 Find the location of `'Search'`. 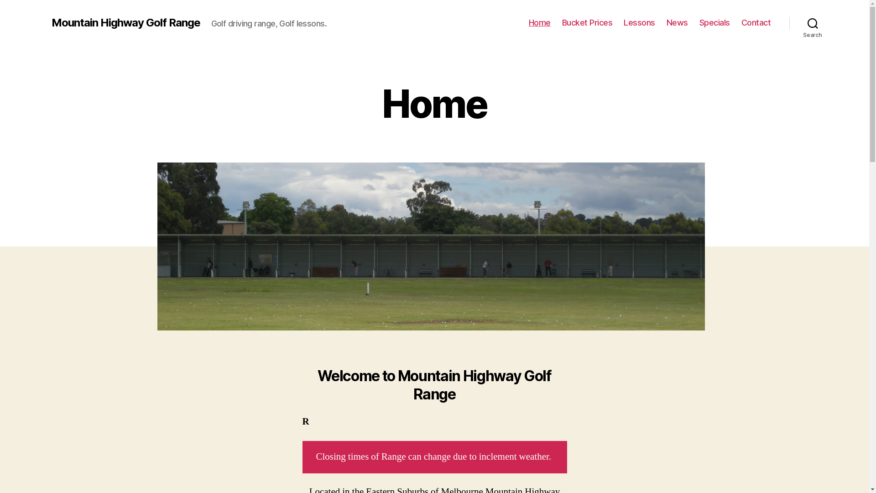

'Search' is located at coordinates (788, 22).